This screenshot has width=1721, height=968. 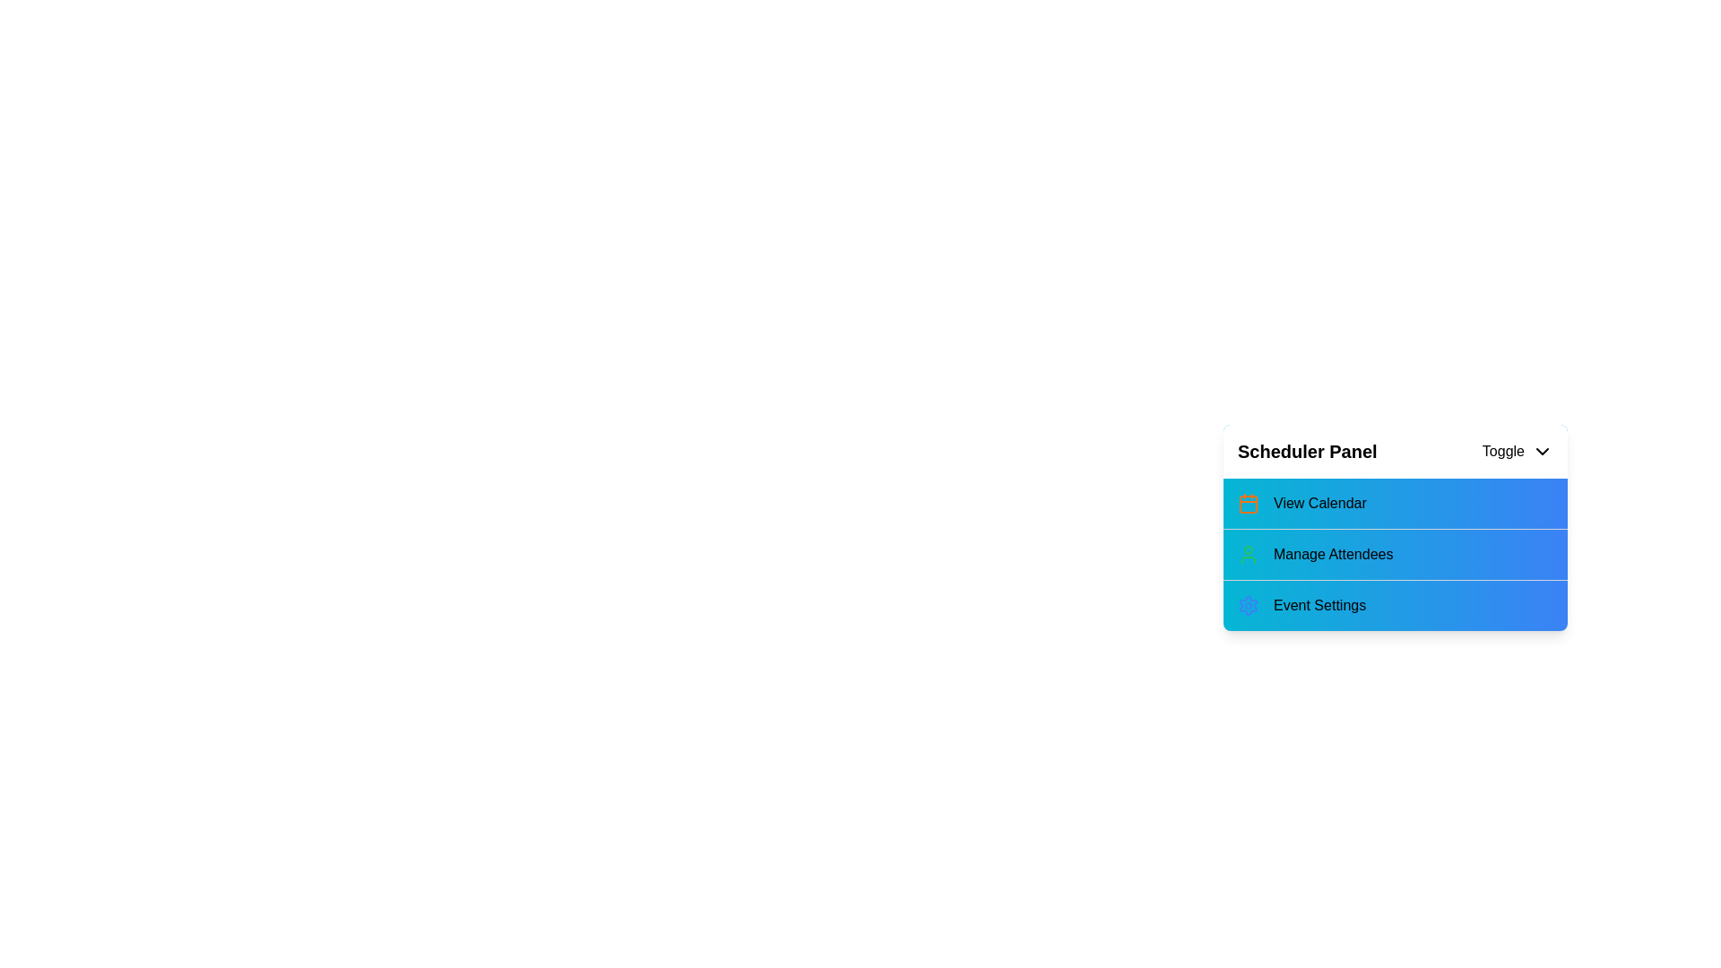 What do you see at coordinates (1394, 504) in the screenshot?
I see `the 'View Calendar' option in the Scheduler Menu` at bounding box center [1394, 504].